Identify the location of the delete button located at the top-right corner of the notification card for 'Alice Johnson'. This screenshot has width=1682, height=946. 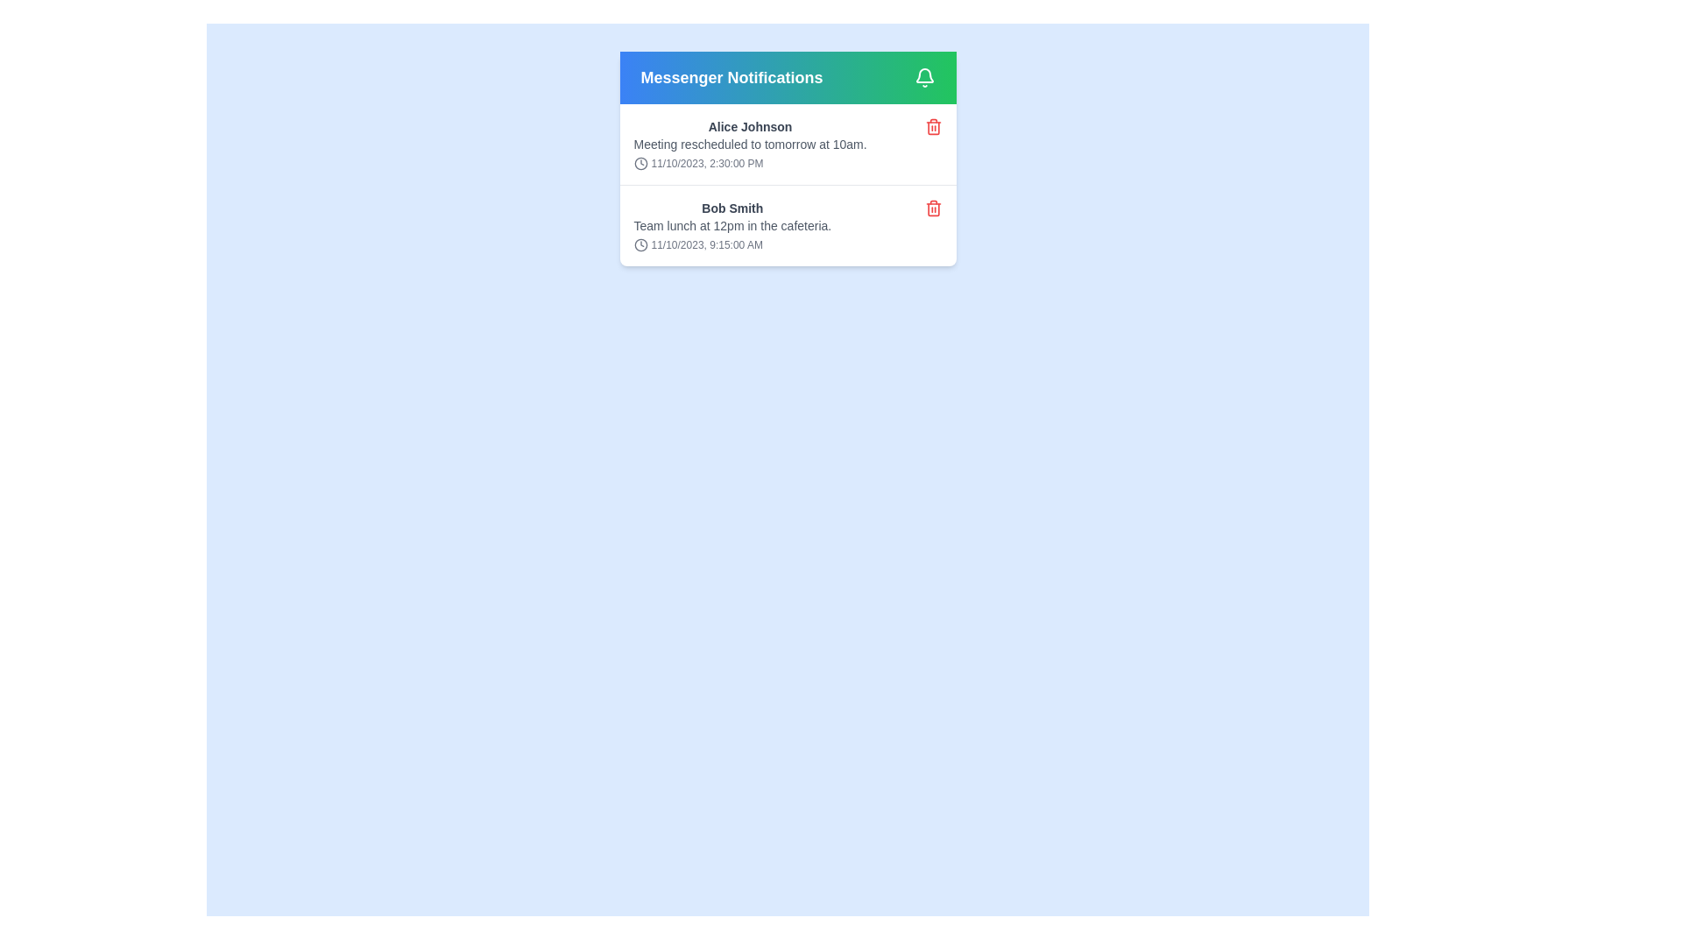
(932, 126).